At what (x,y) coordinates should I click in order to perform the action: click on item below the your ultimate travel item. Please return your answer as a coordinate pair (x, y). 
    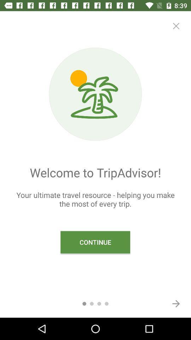
    Looking at the image, I should click on (95, 242).